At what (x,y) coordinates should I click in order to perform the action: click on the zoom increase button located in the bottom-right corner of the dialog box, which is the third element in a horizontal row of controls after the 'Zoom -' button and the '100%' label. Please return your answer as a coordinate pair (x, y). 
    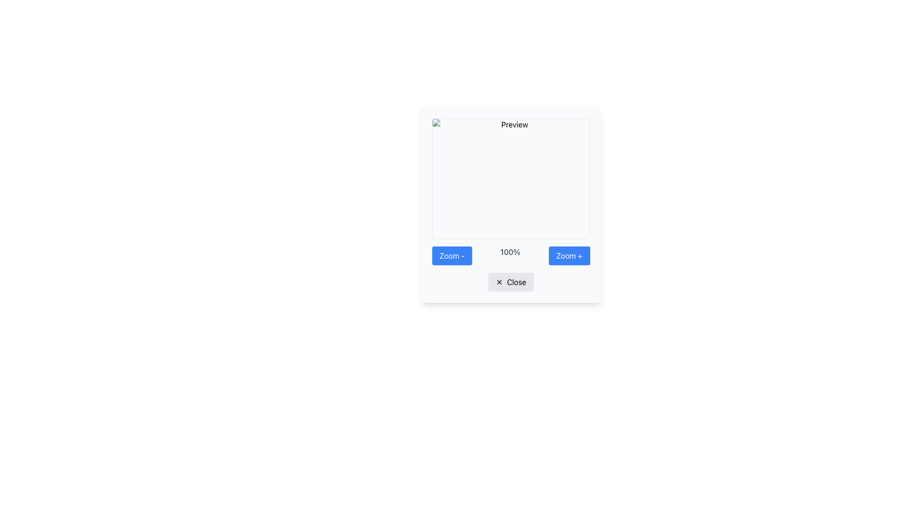
    Looking at the image, I should click on (569, 255).